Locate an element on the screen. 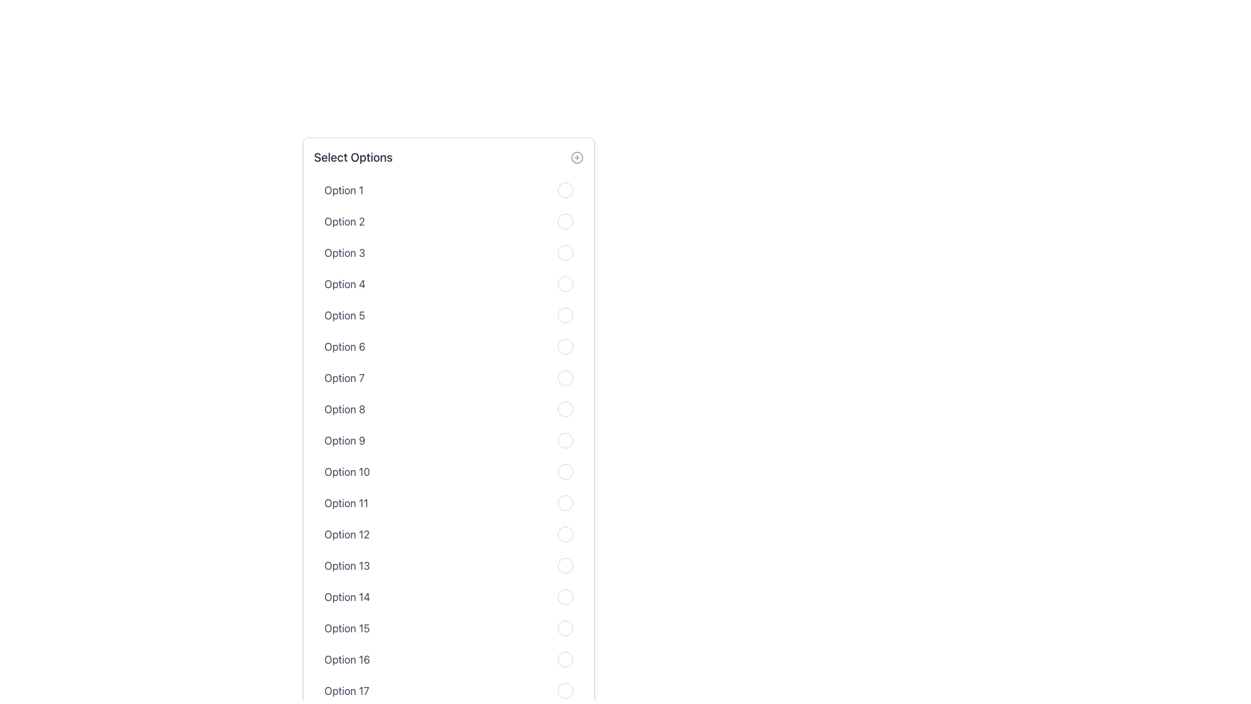 This screenshot has height=704, width=1251. the radio button for 'Option 3' is located at coordinates (566, 253).